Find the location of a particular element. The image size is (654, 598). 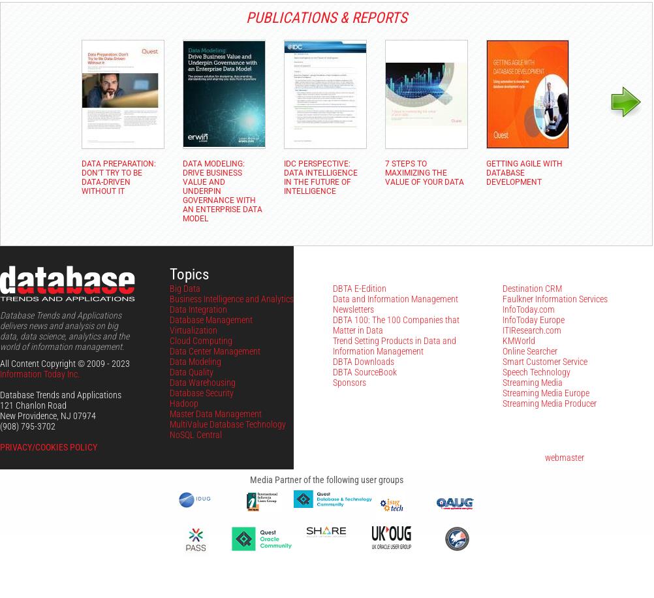

'Destination CRM' is located at coordinates (531, 287).